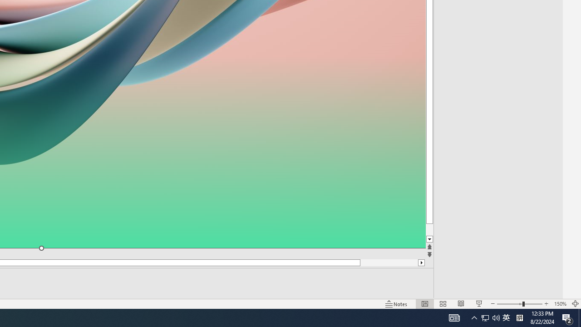 The height and width of the screenshot is (327, 581). Describe the element at coordinates (560, 304) in the screenshot. I see `'Zoom 150%'` at that location.